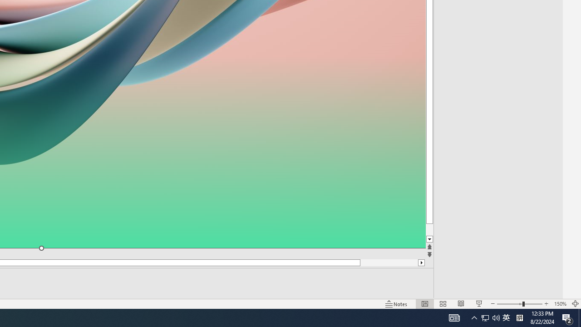 The height and width of the screenshot is (327, 581). Describe the element at coordinates (560, 304) in the screenshot. I see `'Zoom 150%'` at that location.